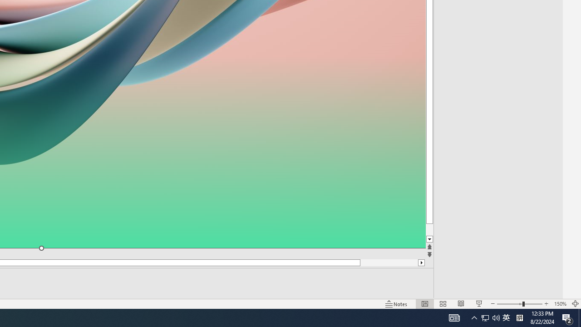 The height and width of the screenshot is (327, 581). Describe the element at coordinates (560, 304) in the screenshot. I see `'Zoom 150%'` at that location.